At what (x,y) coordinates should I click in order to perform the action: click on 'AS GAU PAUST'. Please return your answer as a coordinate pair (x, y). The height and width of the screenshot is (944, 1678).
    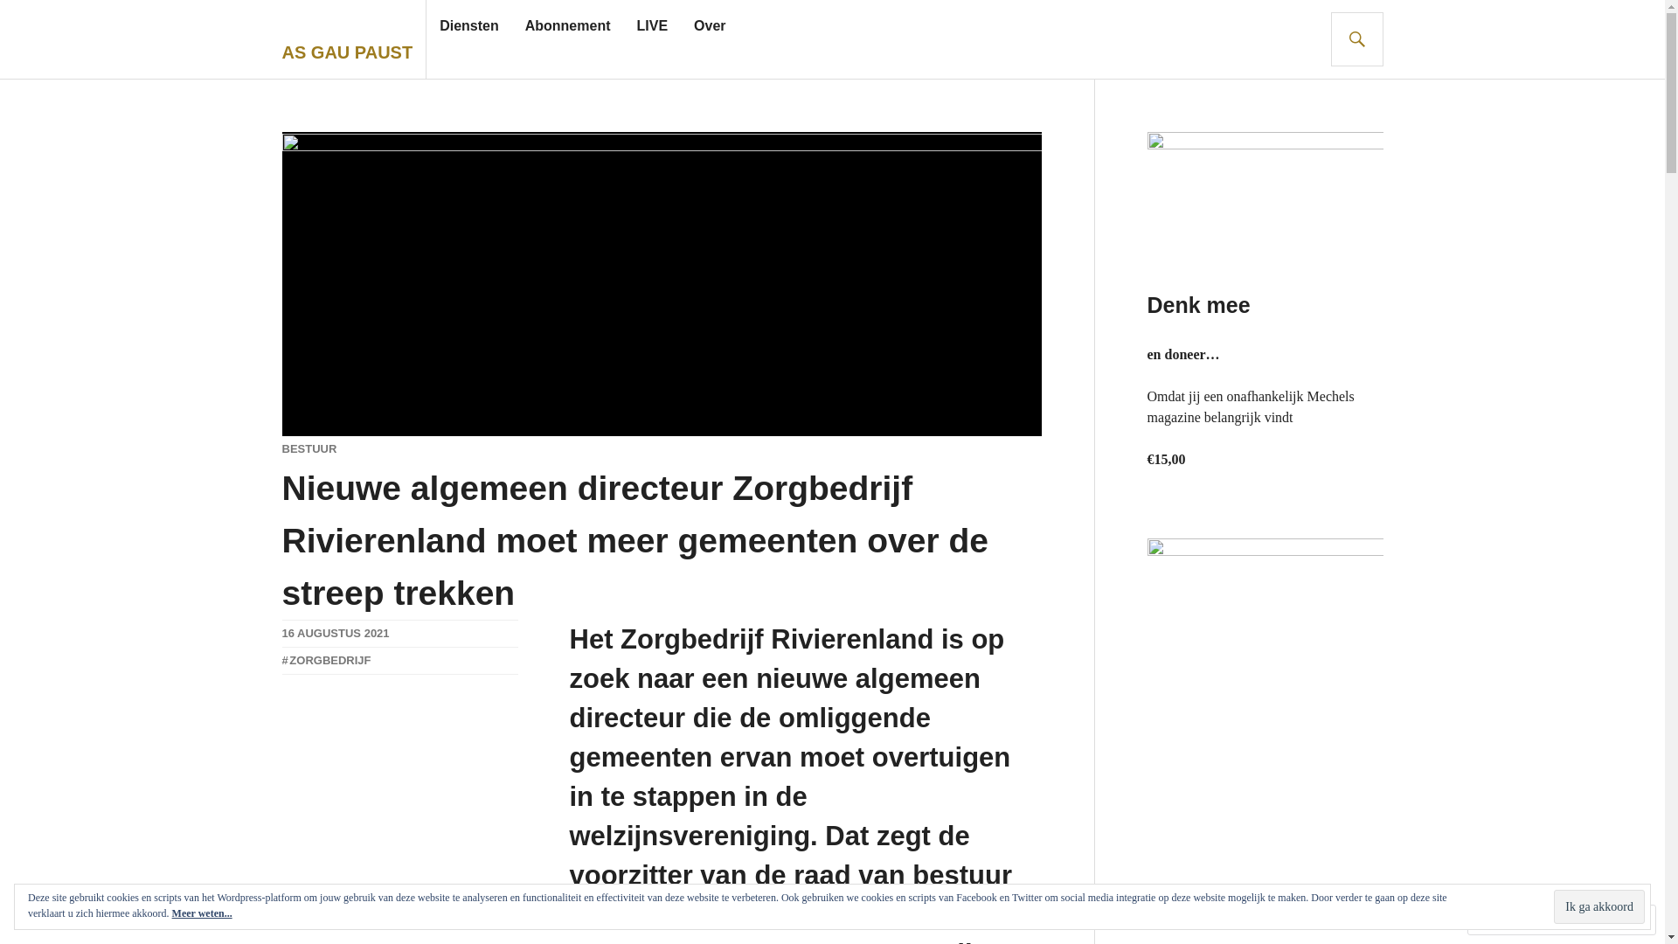
    Looking at the image, I should click on (347, 52).